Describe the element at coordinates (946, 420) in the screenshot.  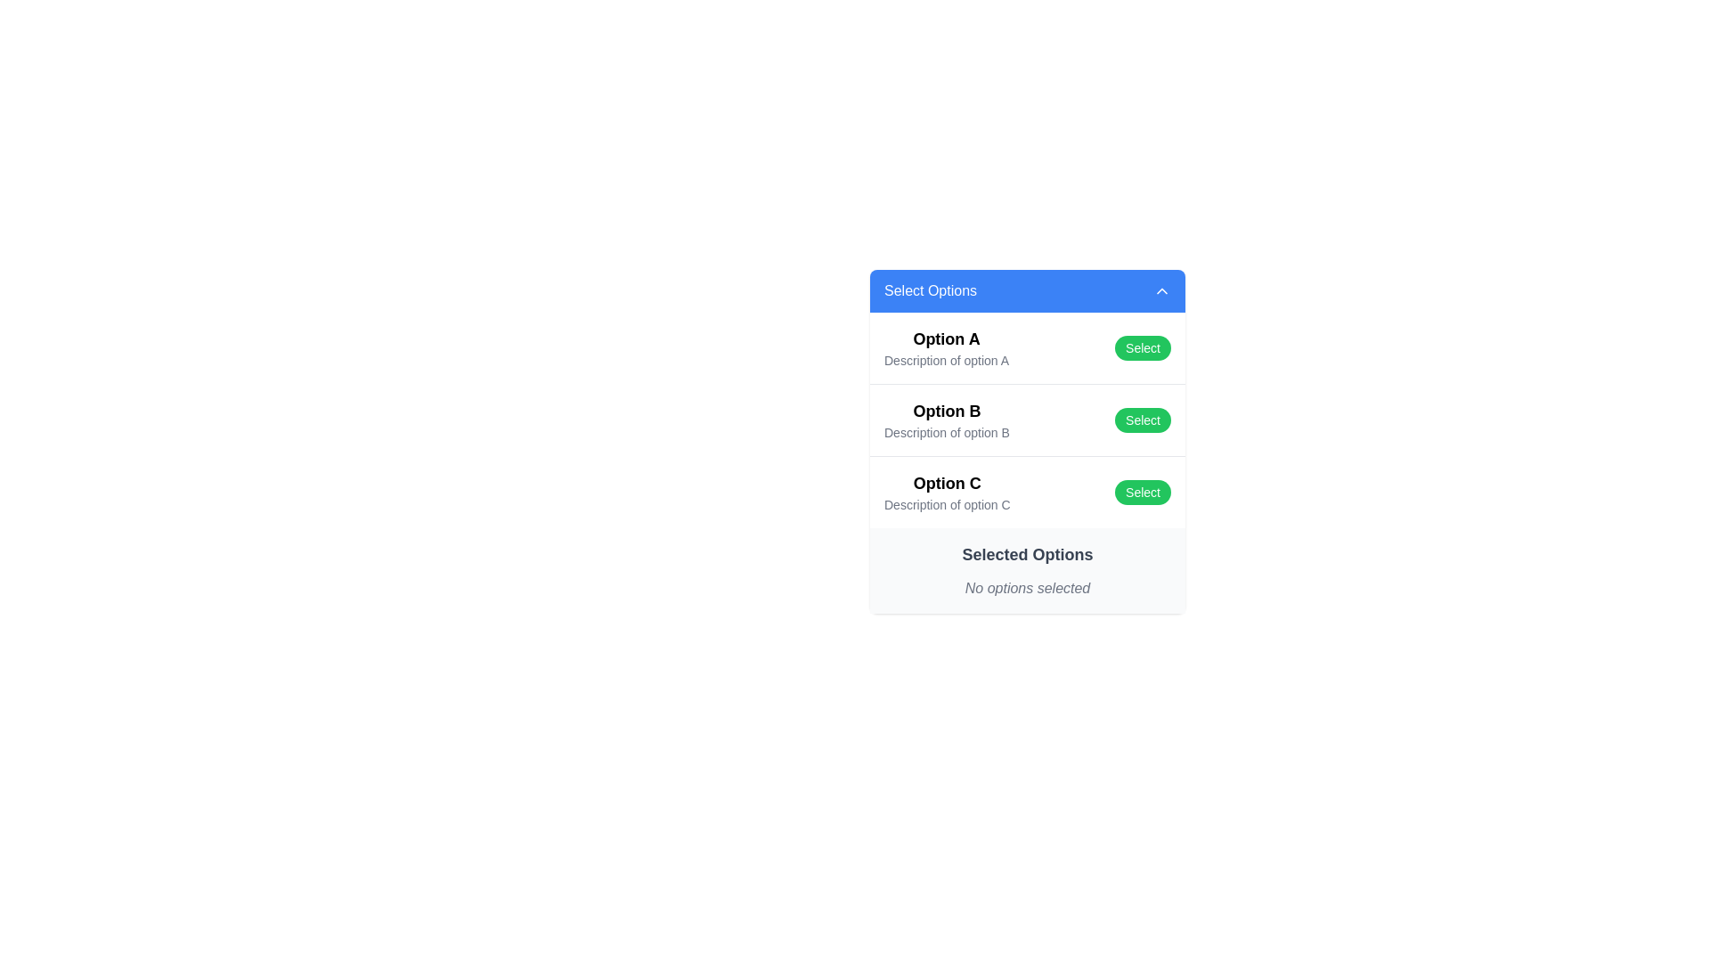
I see `the text-based UI element labeled 'Option B' with a subtitle 'Description of option B', which is the second option in a vertically listed group of options within a card` at that location.